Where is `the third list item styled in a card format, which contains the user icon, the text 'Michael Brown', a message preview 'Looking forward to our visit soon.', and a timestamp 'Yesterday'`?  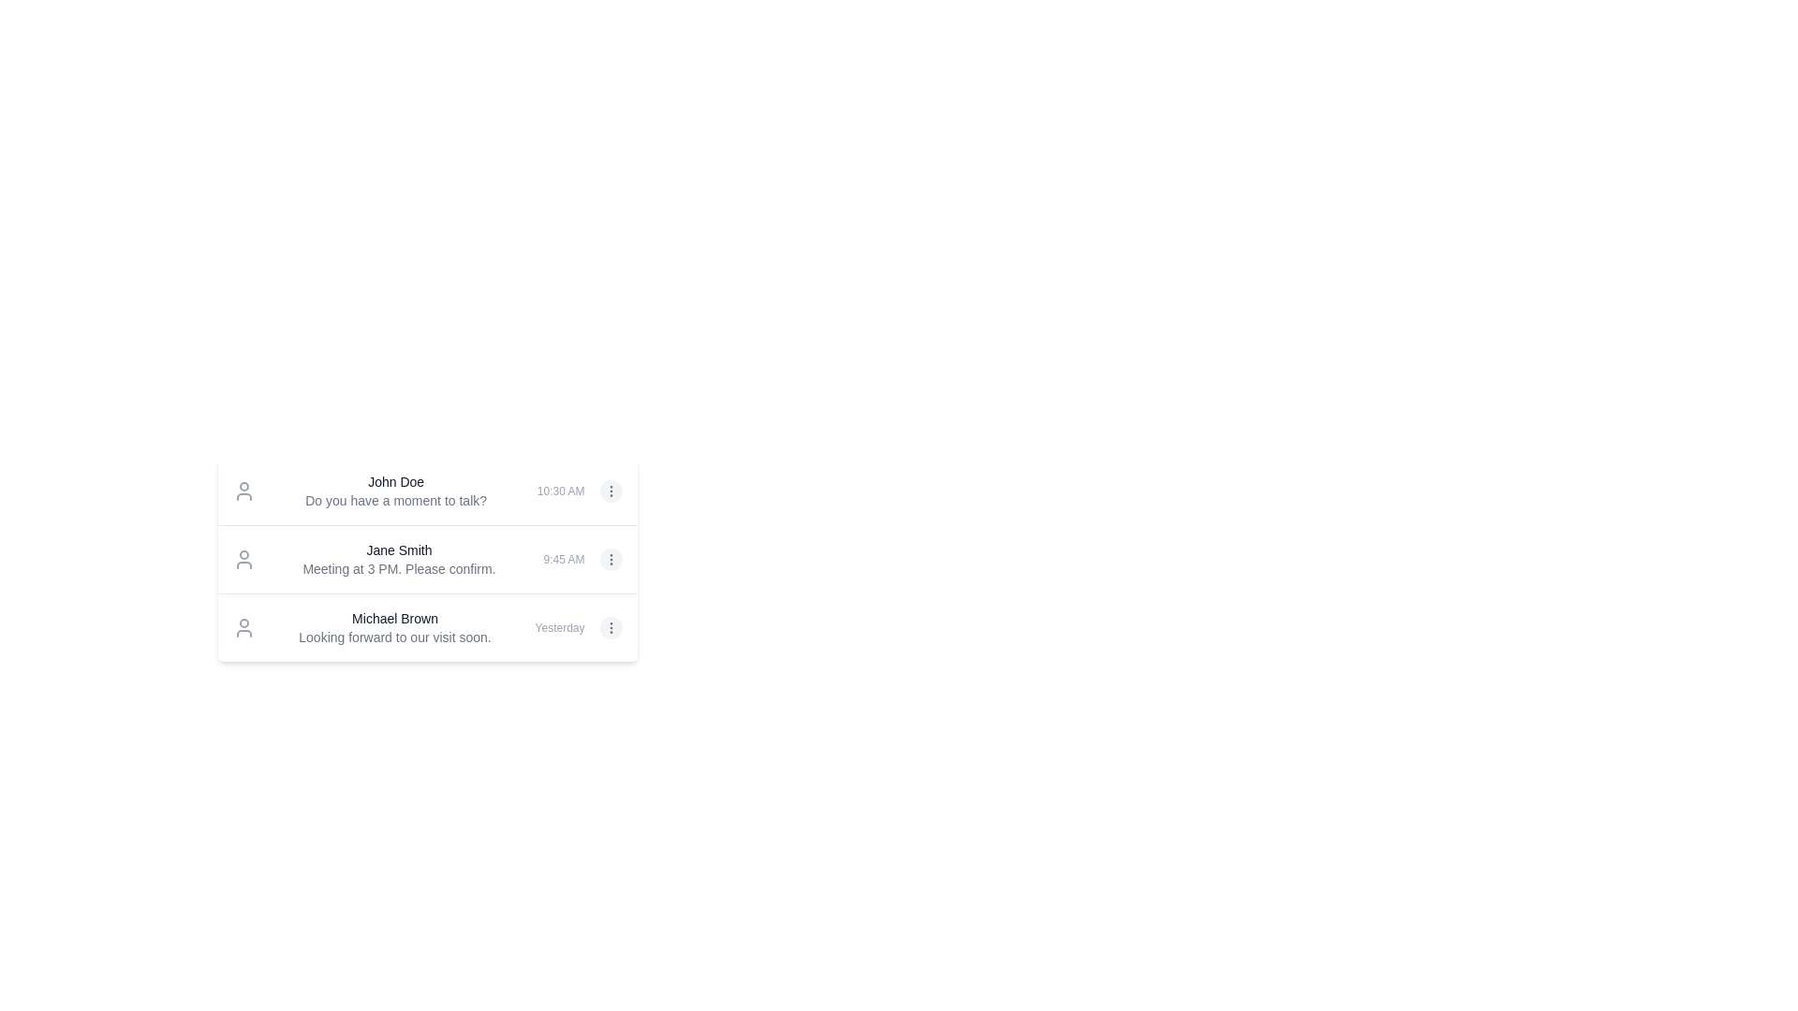 the third list item styled in a card format, which contains the user icon, the text 'Michael Brown', a message preview 'Looking forward to our visit soon.', and a timestamp 'Yesterday' is located at coordinates (426, 627).